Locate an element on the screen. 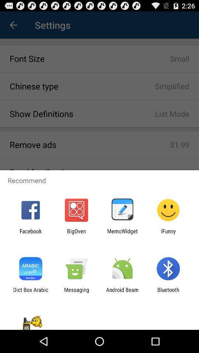  app to the left of ifunny icon is located at coordinates (122, 234).